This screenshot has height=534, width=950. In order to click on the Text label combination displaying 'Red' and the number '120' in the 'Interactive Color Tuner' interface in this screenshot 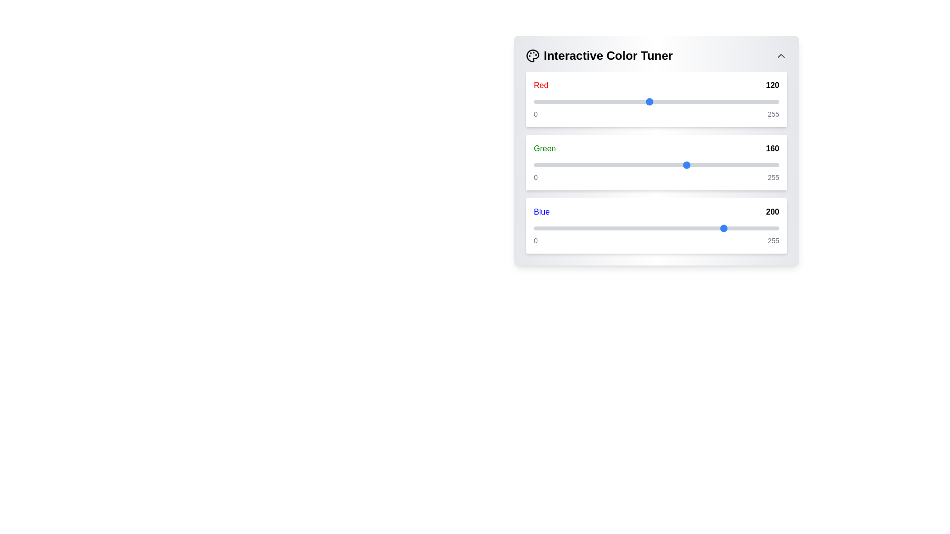, I will do `click(656, 85)`.